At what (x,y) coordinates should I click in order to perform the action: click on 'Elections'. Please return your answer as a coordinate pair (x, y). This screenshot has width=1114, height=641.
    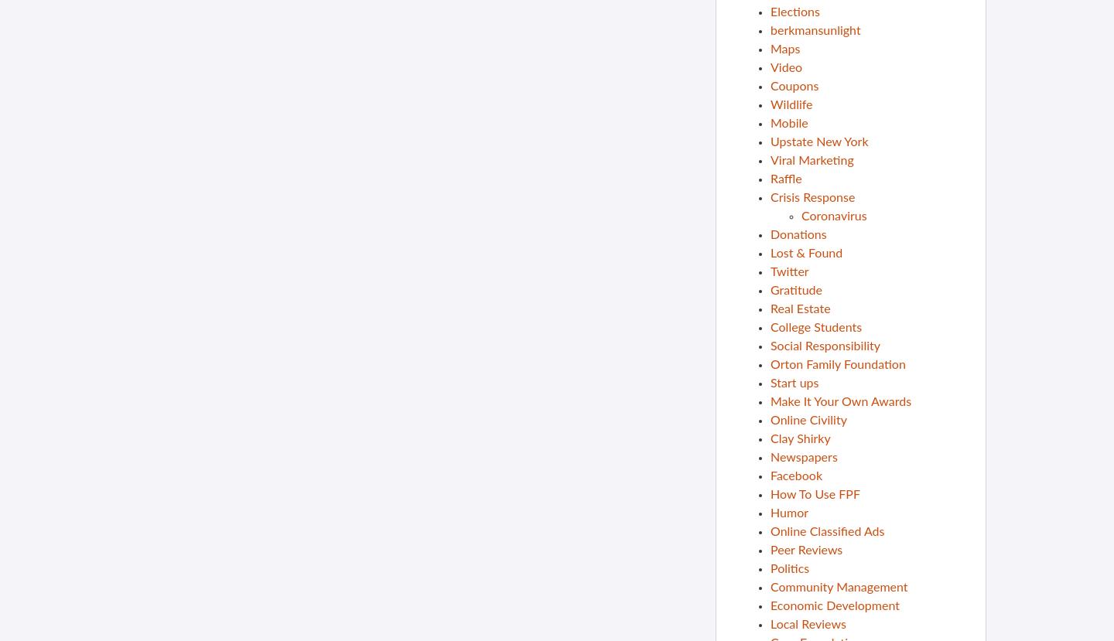
    Looking at the image, I should click on (794, 12).